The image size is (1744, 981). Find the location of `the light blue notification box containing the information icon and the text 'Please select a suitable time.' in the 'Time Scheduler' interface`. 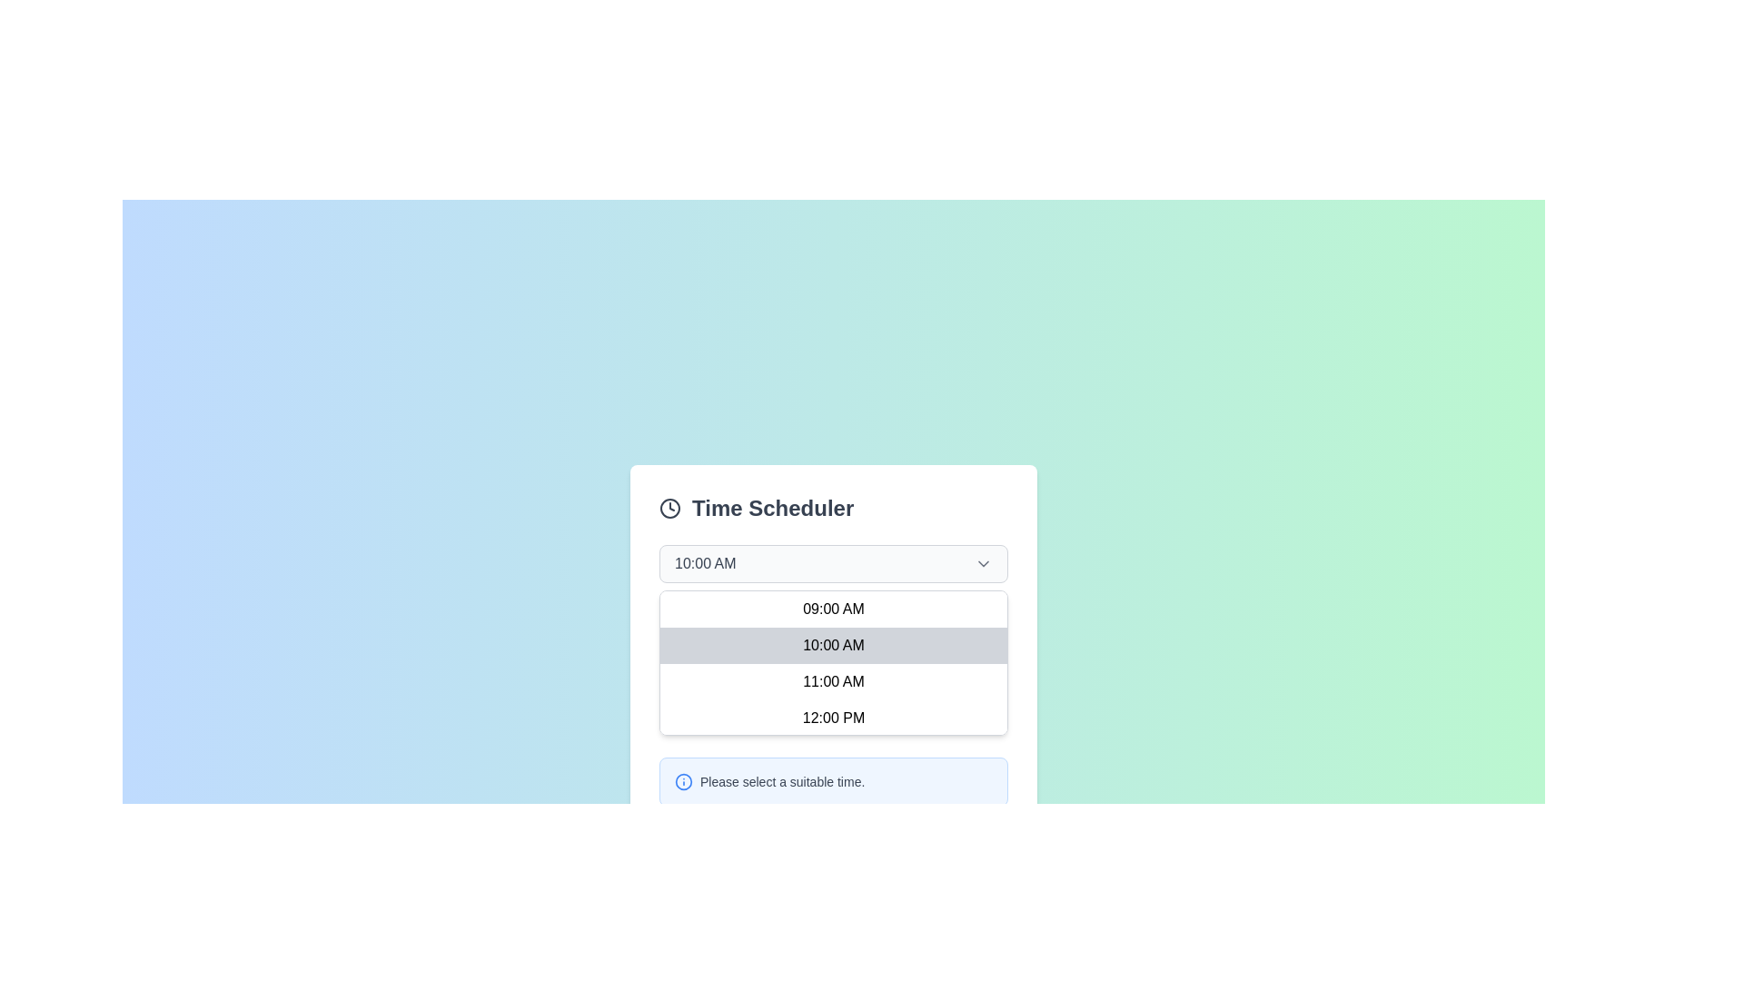

the light blue notification box containing the information icon and the text 'Please select a suitable time.' in the 'Time Scheduler' interface is located at coordinates (832, 780).